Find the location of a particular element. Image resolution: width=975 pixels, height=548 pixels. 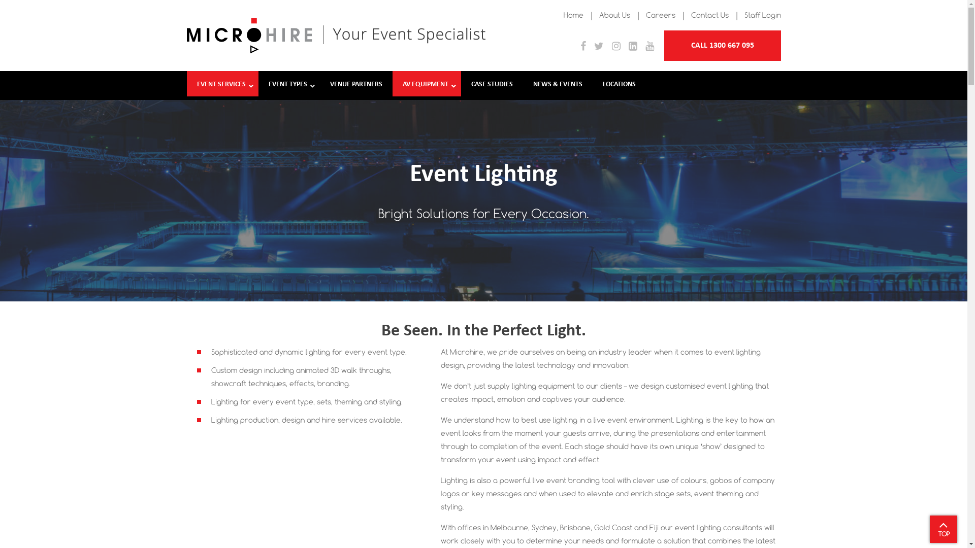

'Instagram' is located at coordinates (615, 47).